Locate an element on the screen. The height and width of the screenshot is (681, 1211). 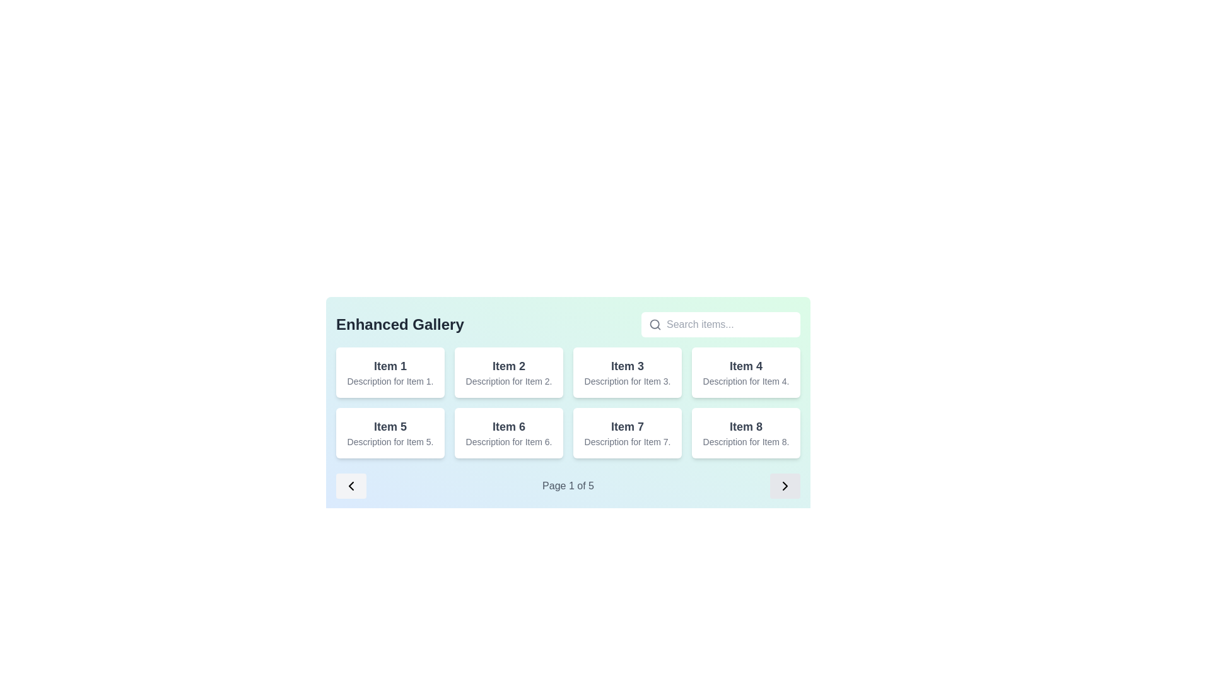
the card component representing 'Item 8' which features bold text and a description, located in the second row and fourth column of the grid layout is located at coordinates (746, 432).